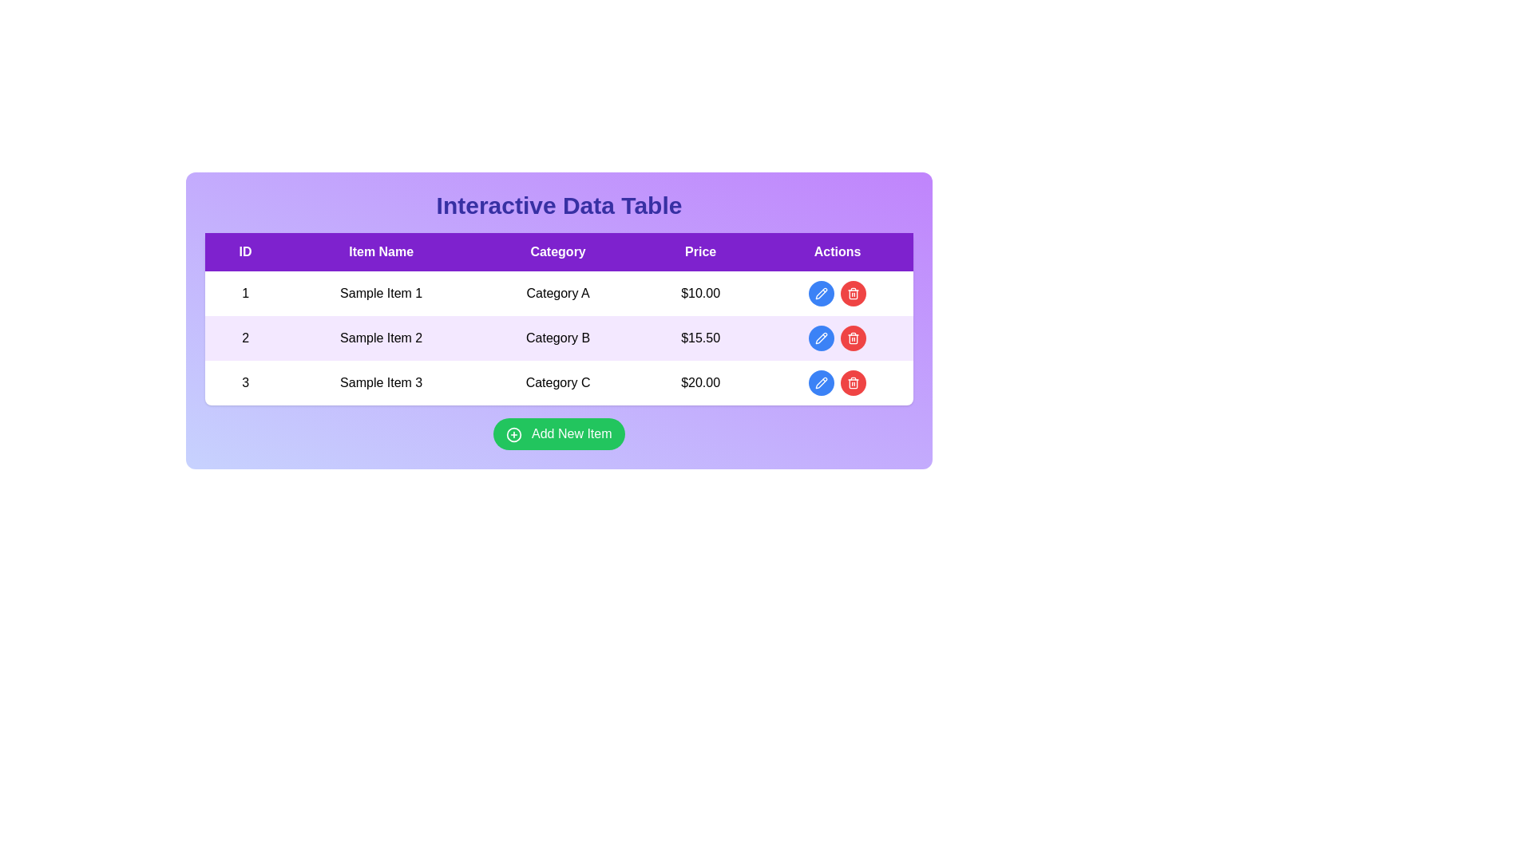 The width and height of the screenshot is (1533, 862). I want to click on the row of column headers labeled 'ID', 'Item Name', 'Category', 'Price', and 'Actions' to read the titles, so click(559, 251).